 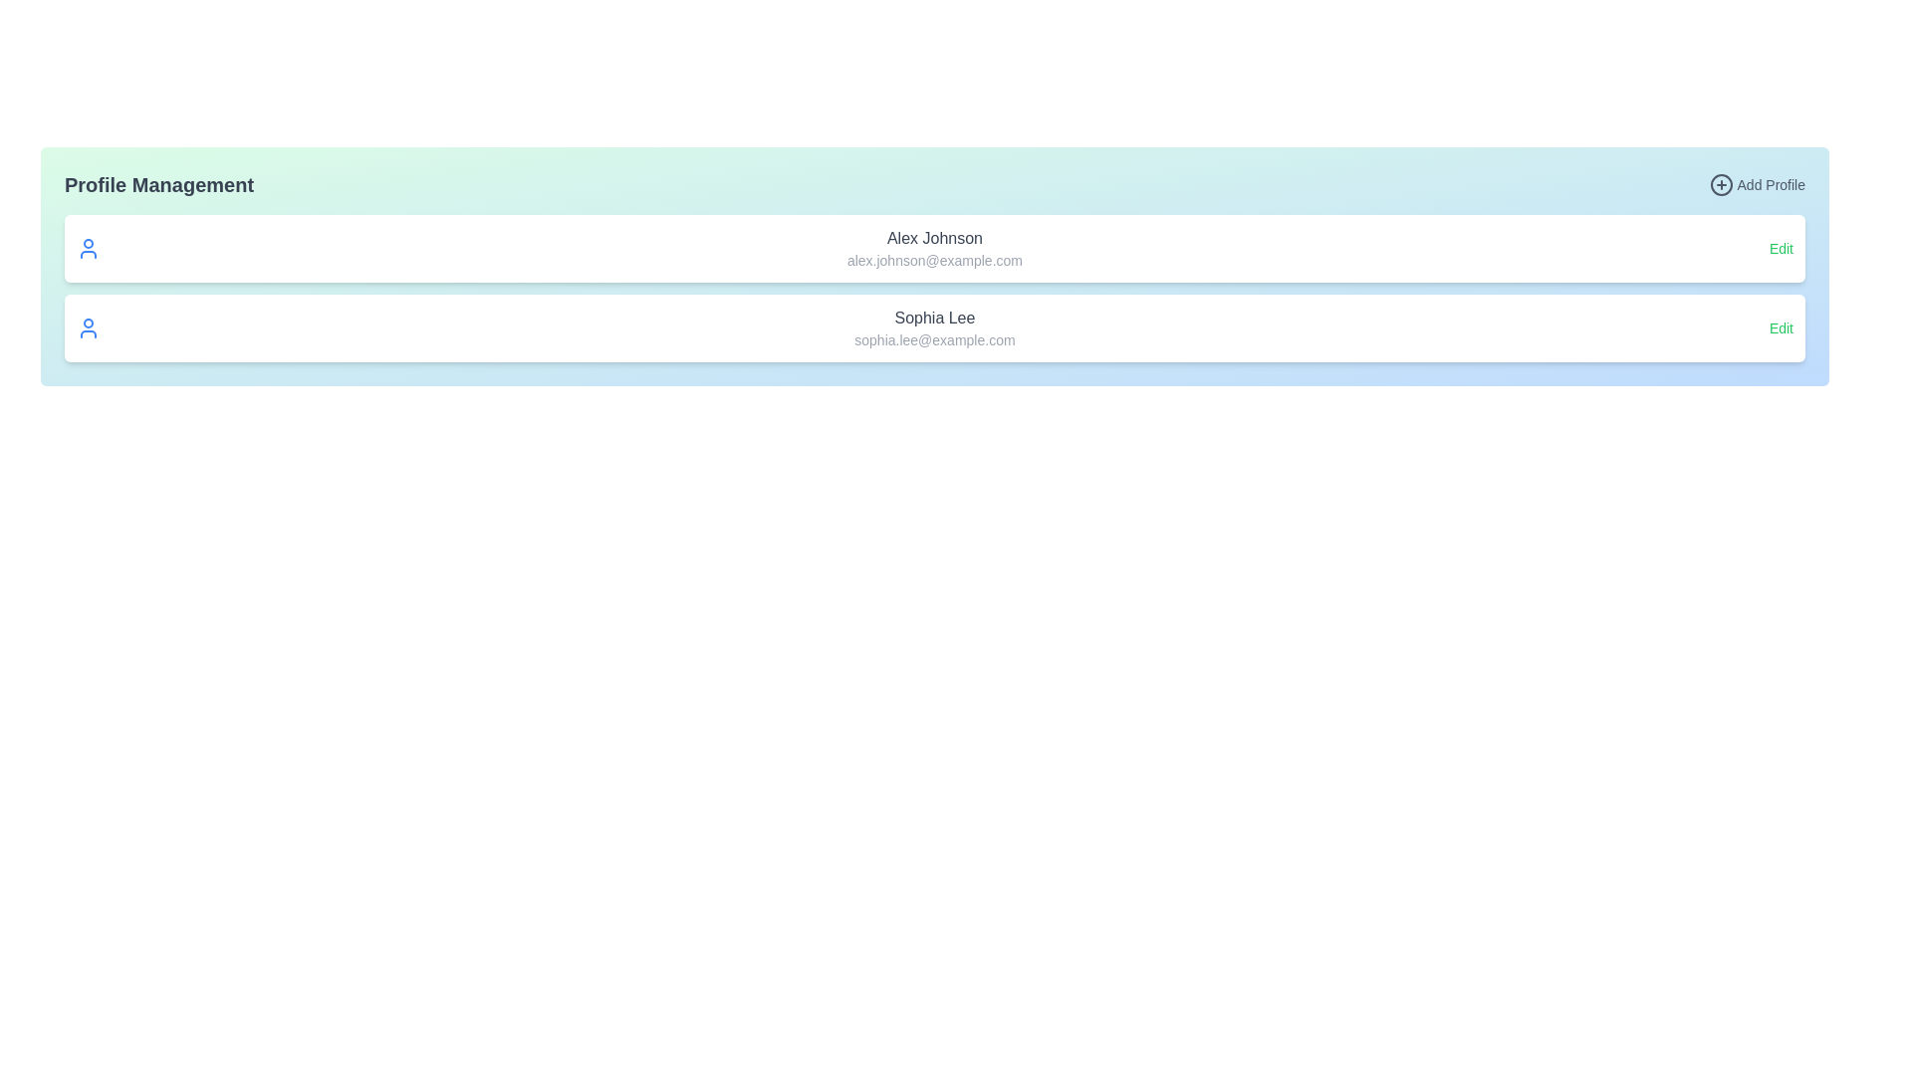 What do you see at coordinates (933, 339) in the screenshot?
I see `the static text label displaying the email address 'sophia.lee@example.com', which is located beneath the name 'Sophia Lee' in the user profile section` at bounding box center [933, 339].